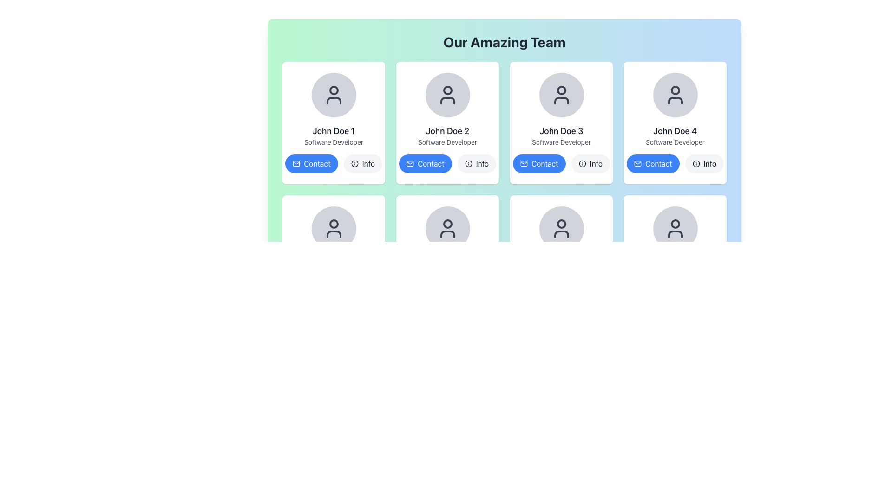 This screenshot has height=501, width=892. Describe the element at coordinates (561, 224) in the screenshot. I see `the SVG circle element representing the user's head within the user icon located in the bottom row, second from the right of the layout grid` at that location.